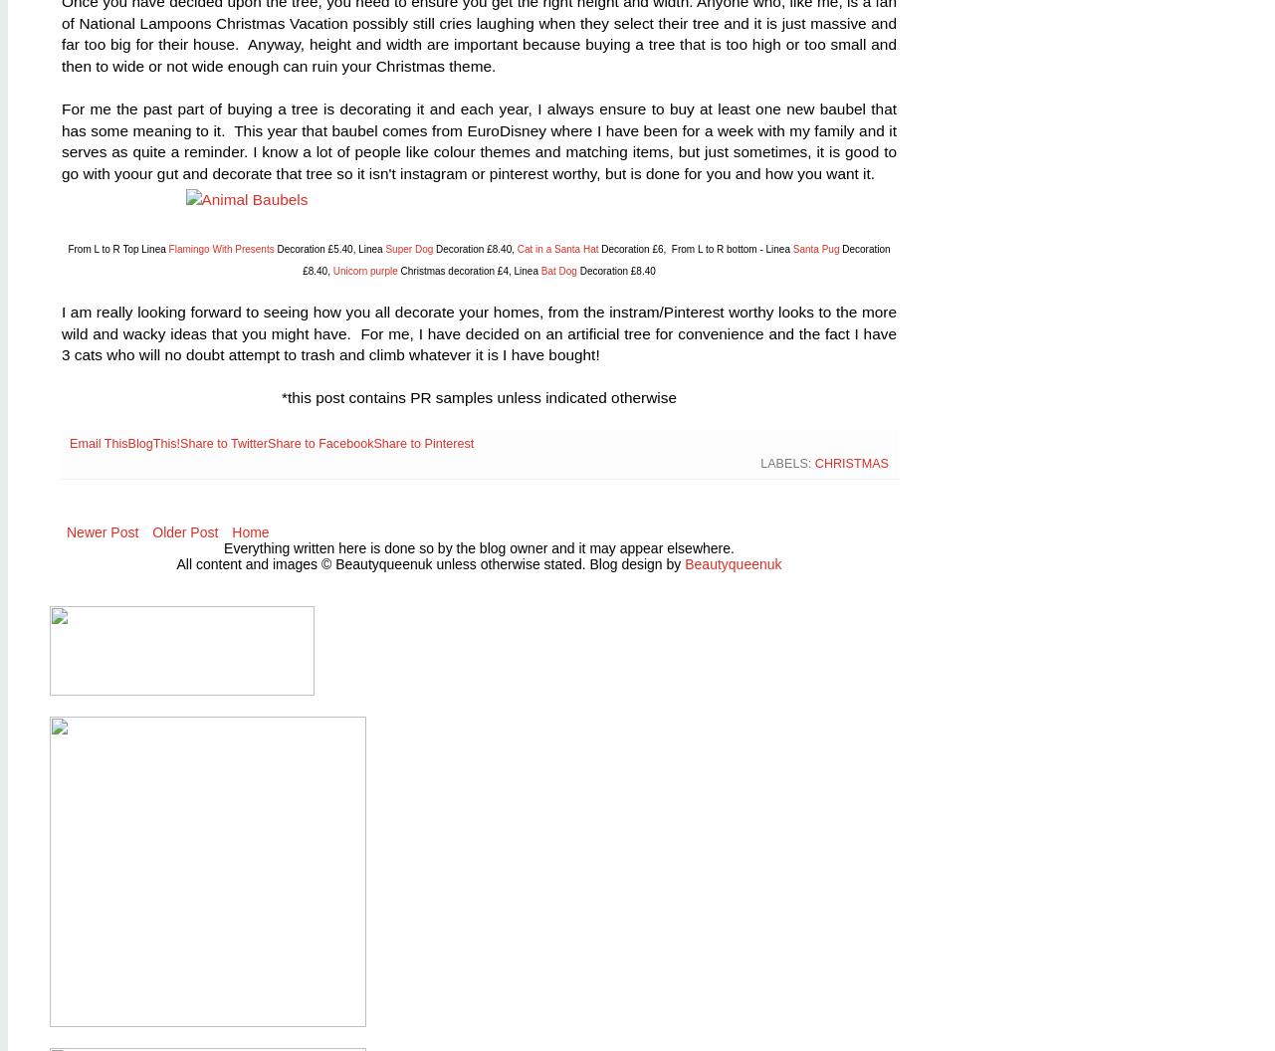 This screenshot has height=1051, width=1275. Describe the element at coordinates (792, 248) in the screenshot. I see `'Santa Pug'` at that location.